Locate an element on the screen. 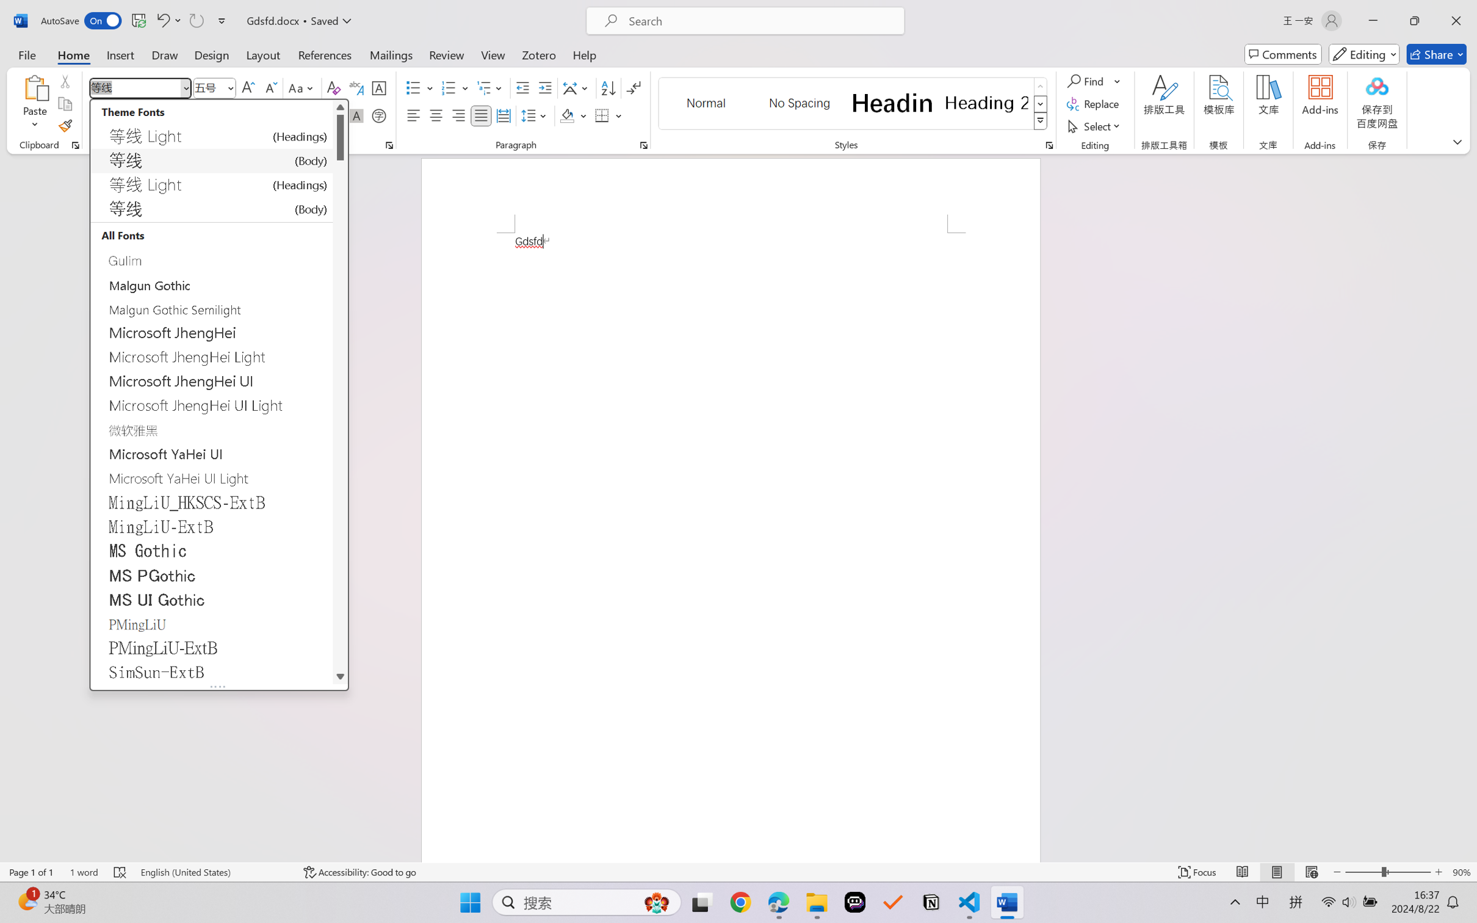  'Line and Paragraph Spacing' is located at coordinates (535, 115).